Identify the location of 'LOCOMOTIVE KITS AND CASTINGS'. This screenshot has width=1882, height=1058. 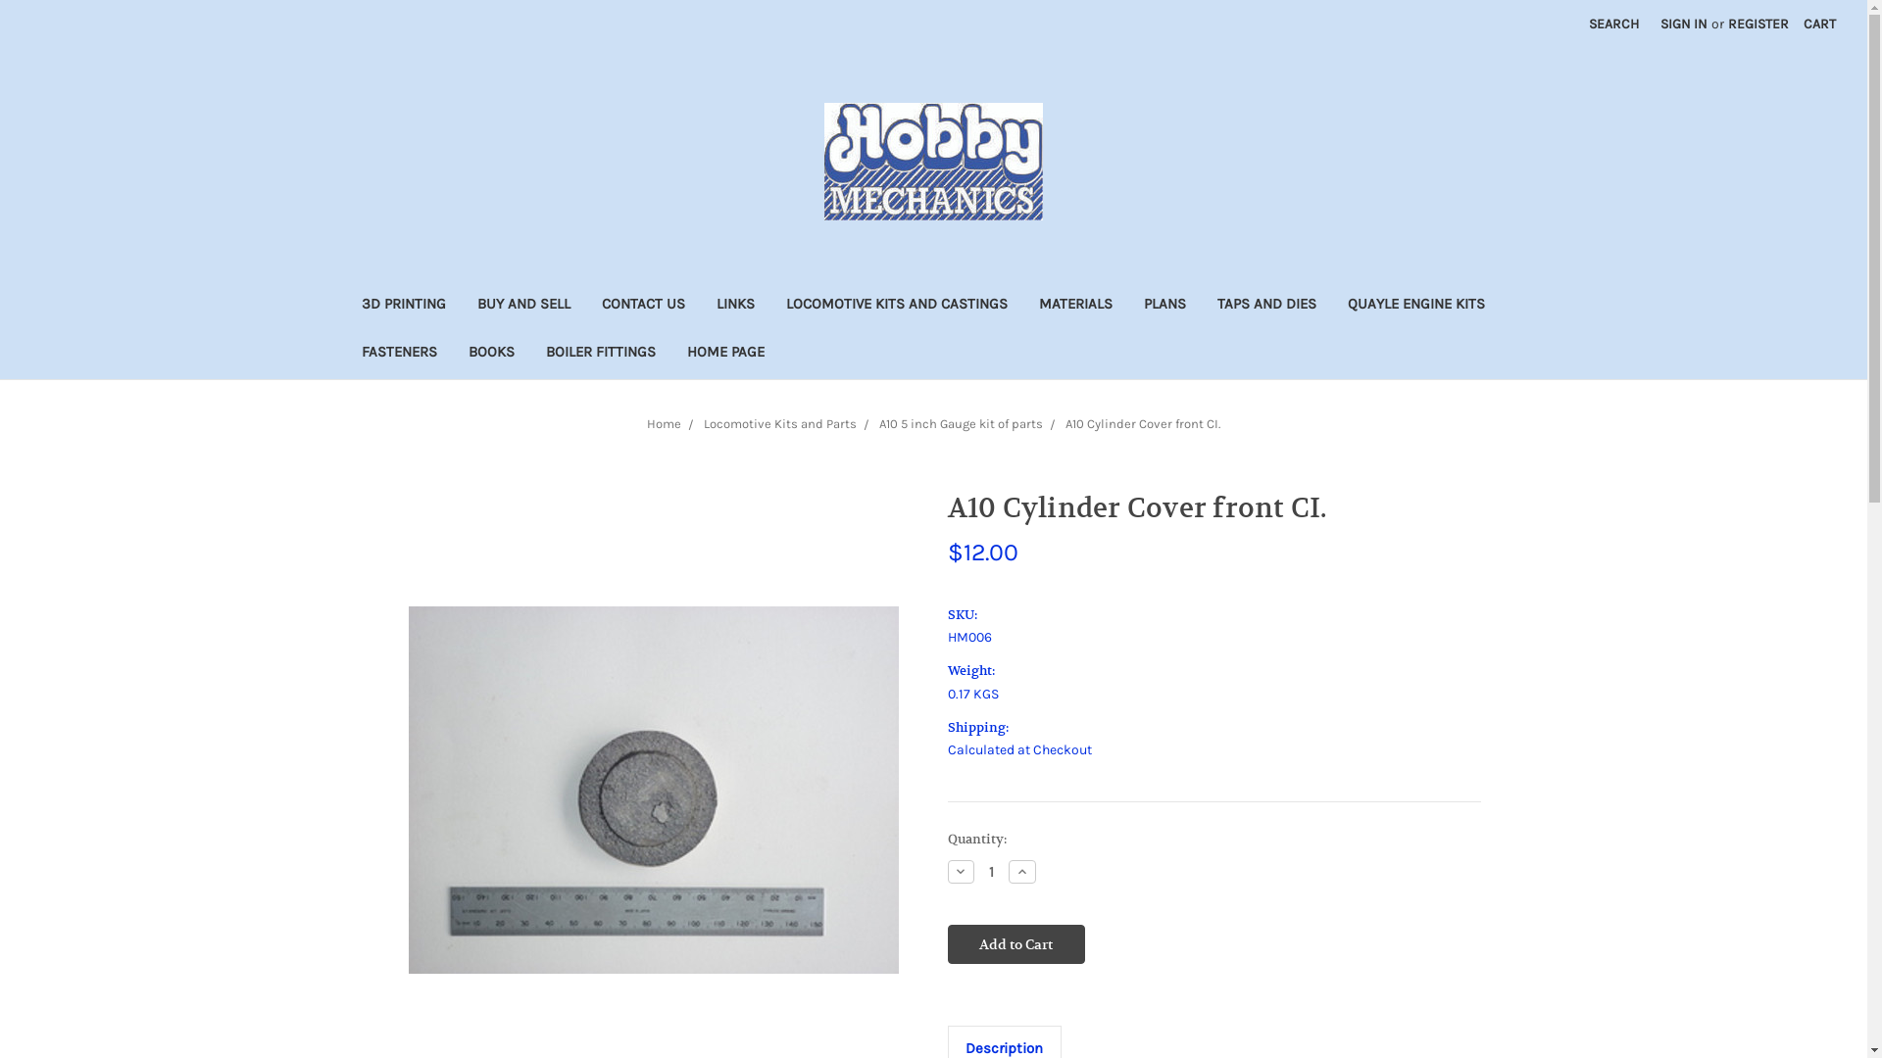
(896, 306).